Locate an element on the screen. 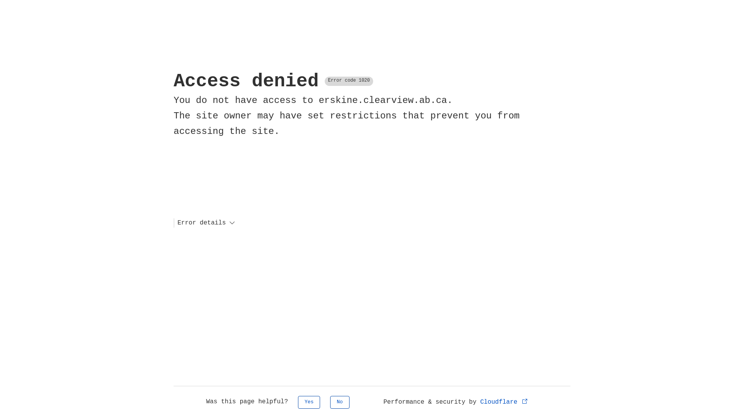 This screenshot has height=418, width=744. 'Cloudflare' is located at coordinates (504, 401).